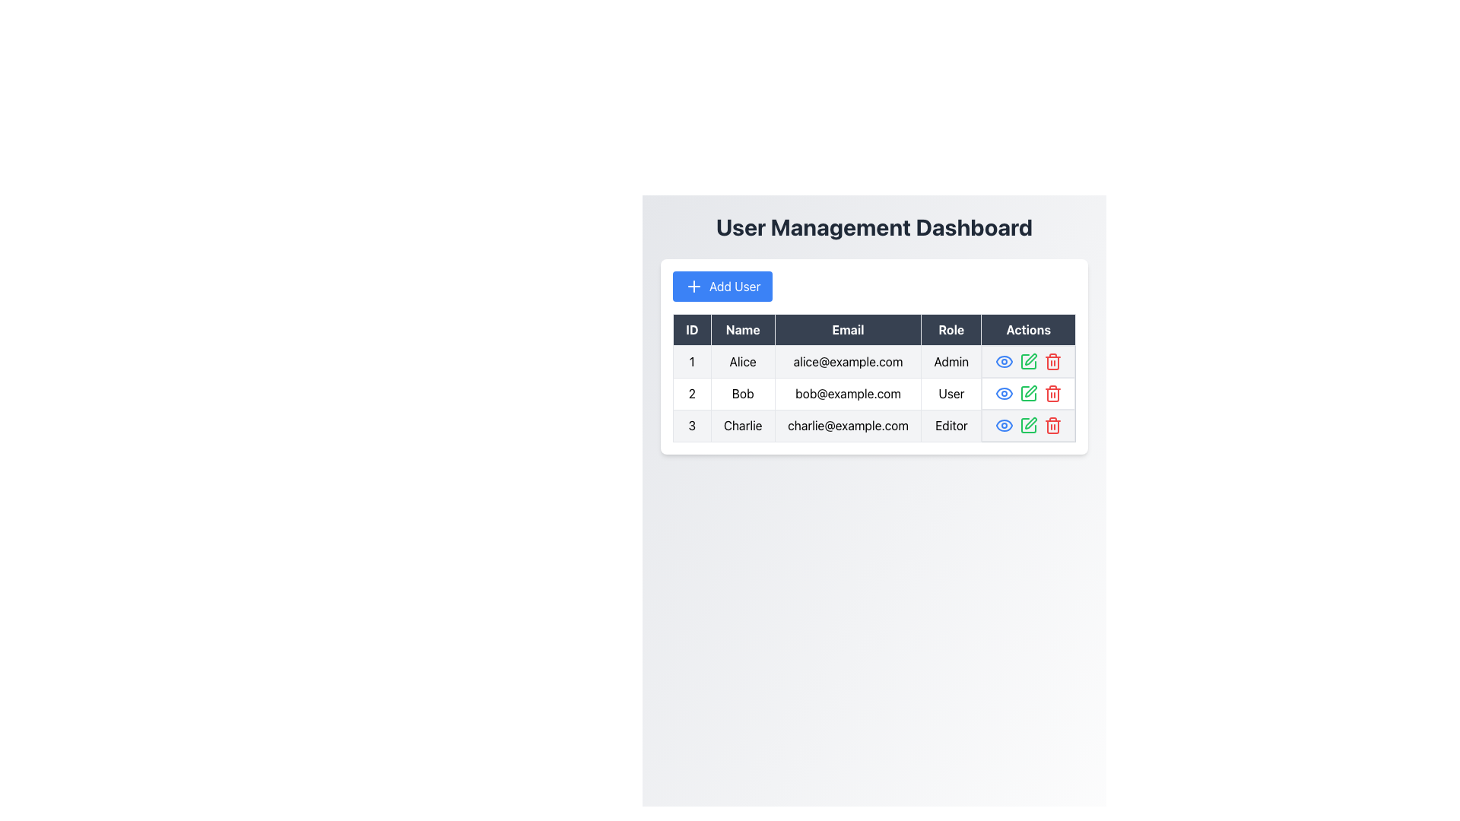  Describe the element at coordinates (1052, 425) in the screenshot. I see `the red-colored trash bin icon button located in the 'Actions' column of the third row for the user with ID 3` at that location.